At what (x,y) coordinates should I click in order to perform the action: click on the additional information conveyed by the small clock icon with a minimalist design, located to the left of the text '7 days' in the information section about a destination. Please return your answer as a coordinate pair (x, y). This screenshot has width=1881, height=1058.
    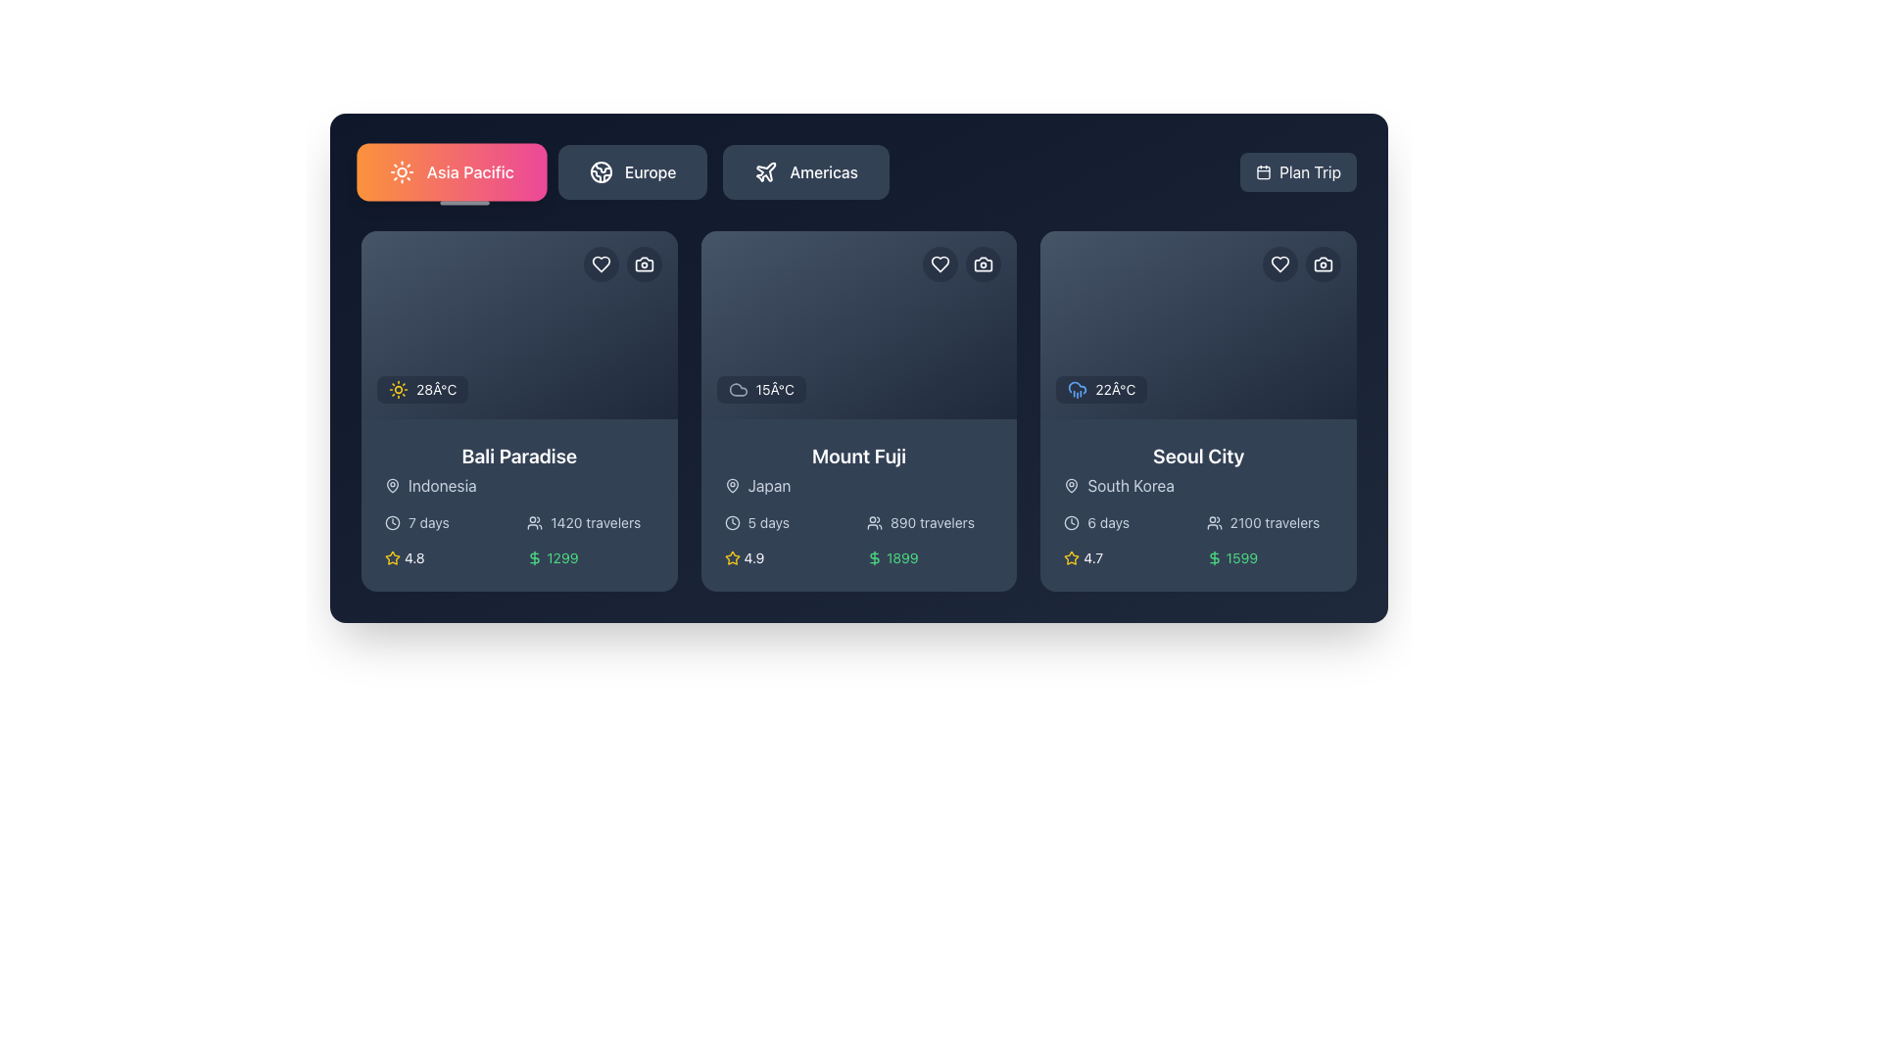
    Looking at the image, I should click on (392, 521).